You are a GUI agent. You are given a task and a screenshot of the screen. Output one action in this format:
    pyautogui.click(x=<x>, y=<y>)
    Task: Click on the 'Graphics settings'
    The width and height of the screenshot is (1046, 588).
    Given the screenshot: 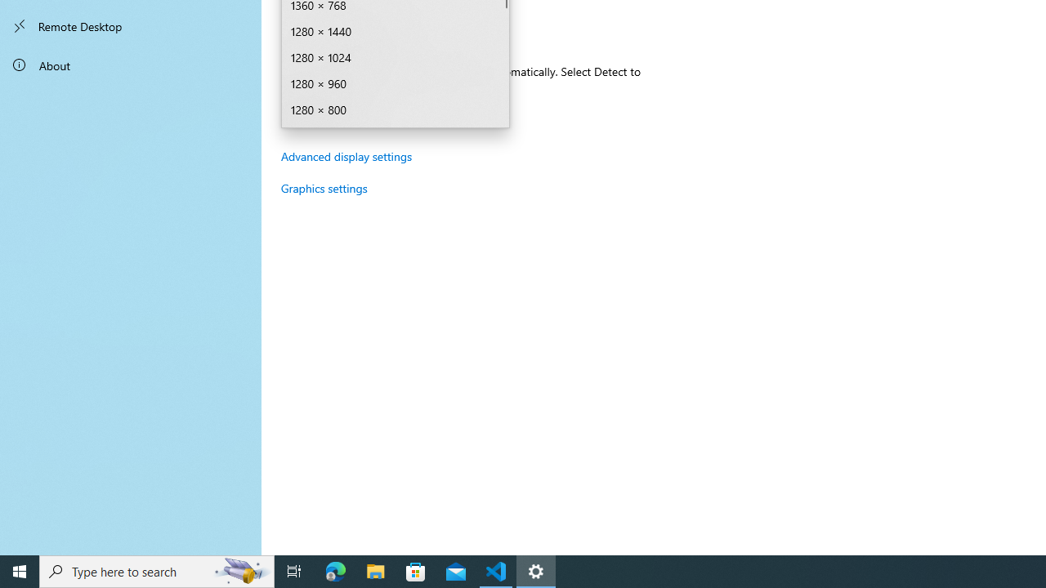 What is the action you would take?
    pyautogui.click(x=324, y=187)
    